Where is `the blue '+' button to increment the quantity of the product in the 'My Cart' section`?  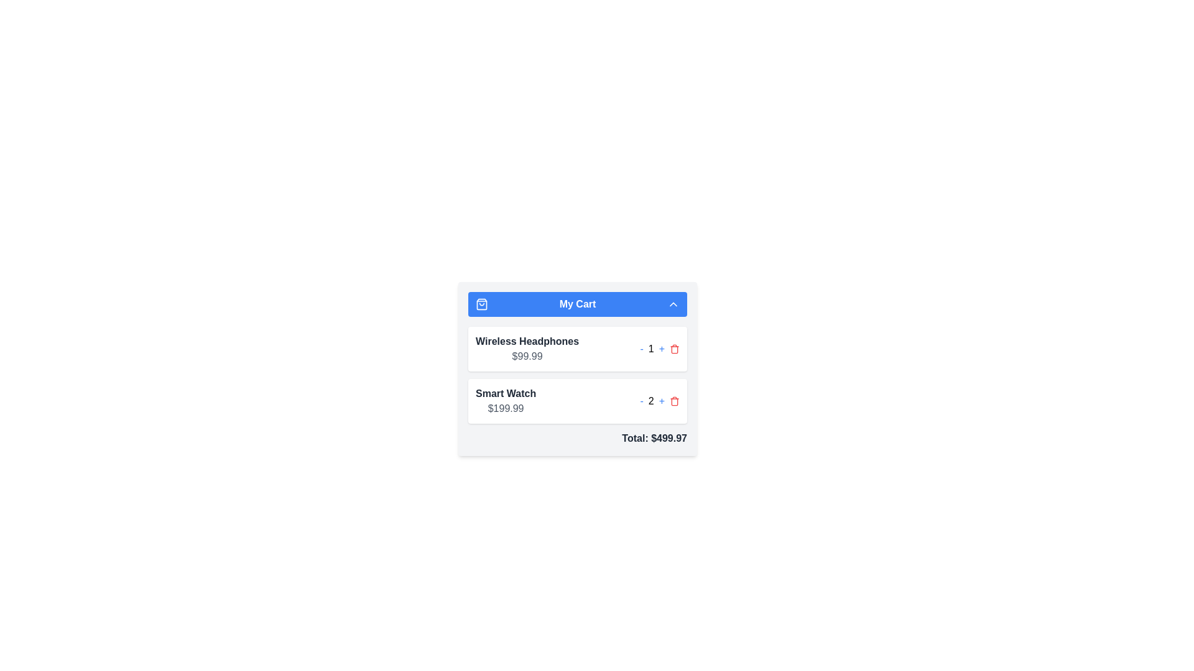 the blue '+' button to increment the quantity of the product in the 'My Cart' section is located at coordinates (661, 401).